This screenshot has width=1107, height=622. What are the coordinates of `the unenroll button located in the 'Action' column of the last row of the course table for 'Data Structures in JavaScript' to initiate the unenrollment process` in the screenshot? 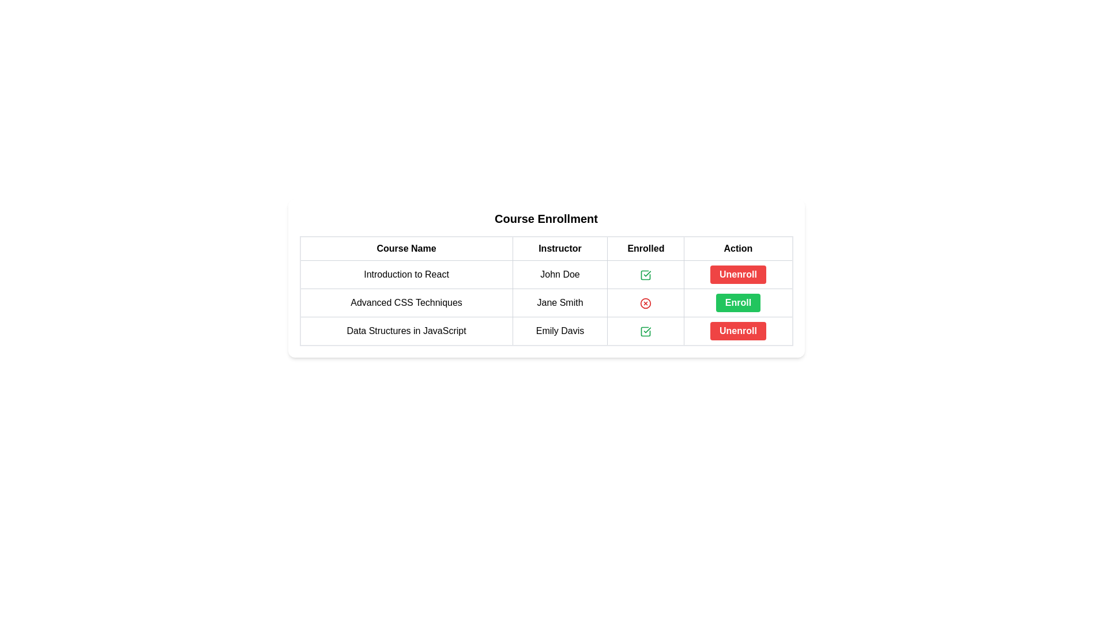 It's located at (738, 331).